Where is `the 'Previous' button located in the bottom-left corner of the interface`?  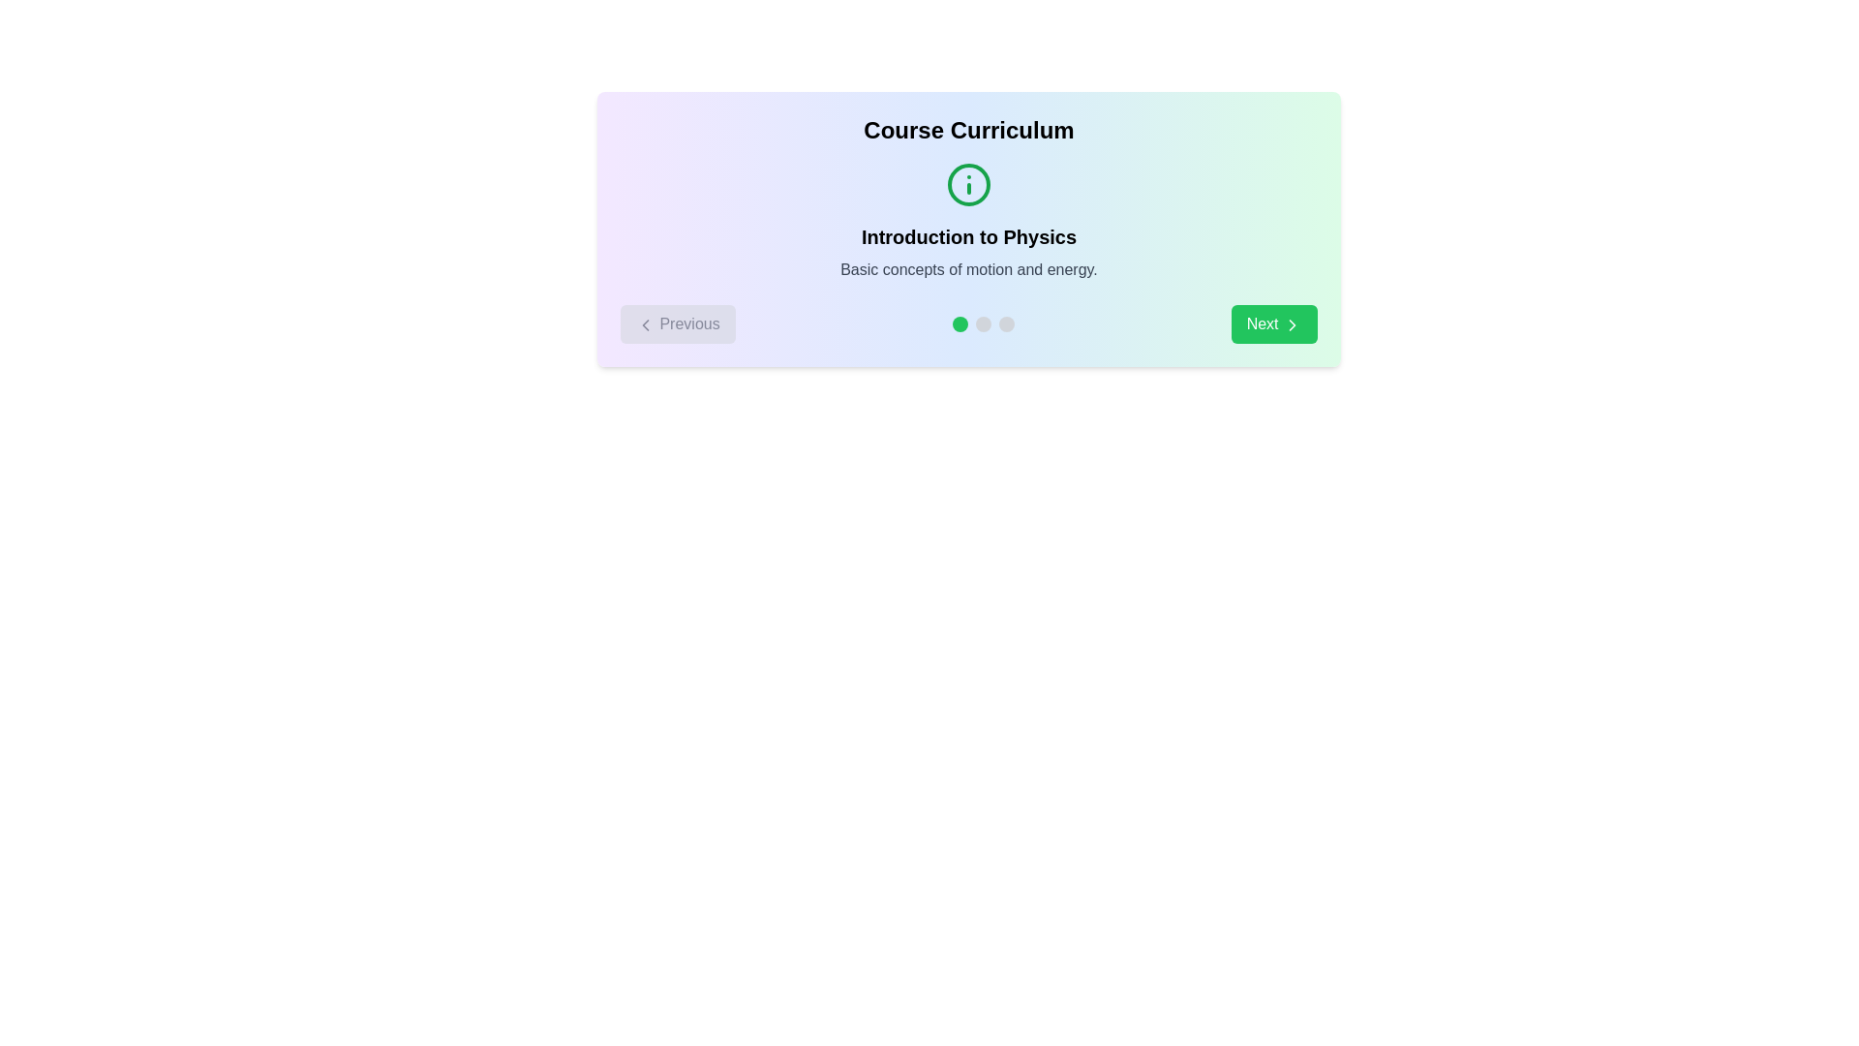
the 'Previous' button located in the bottom-left corner of the interface is located at coordinates (678, 323).